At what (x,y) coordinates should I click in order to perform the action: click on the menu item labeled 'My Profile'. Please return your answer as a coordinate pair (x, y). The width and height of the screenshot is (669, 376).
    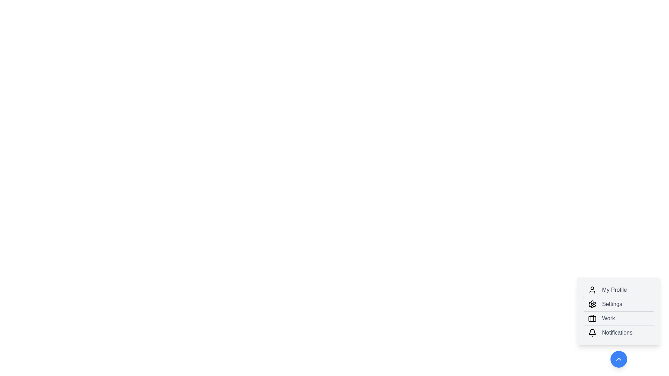
    Looking at the image, I should click on (619, 290).